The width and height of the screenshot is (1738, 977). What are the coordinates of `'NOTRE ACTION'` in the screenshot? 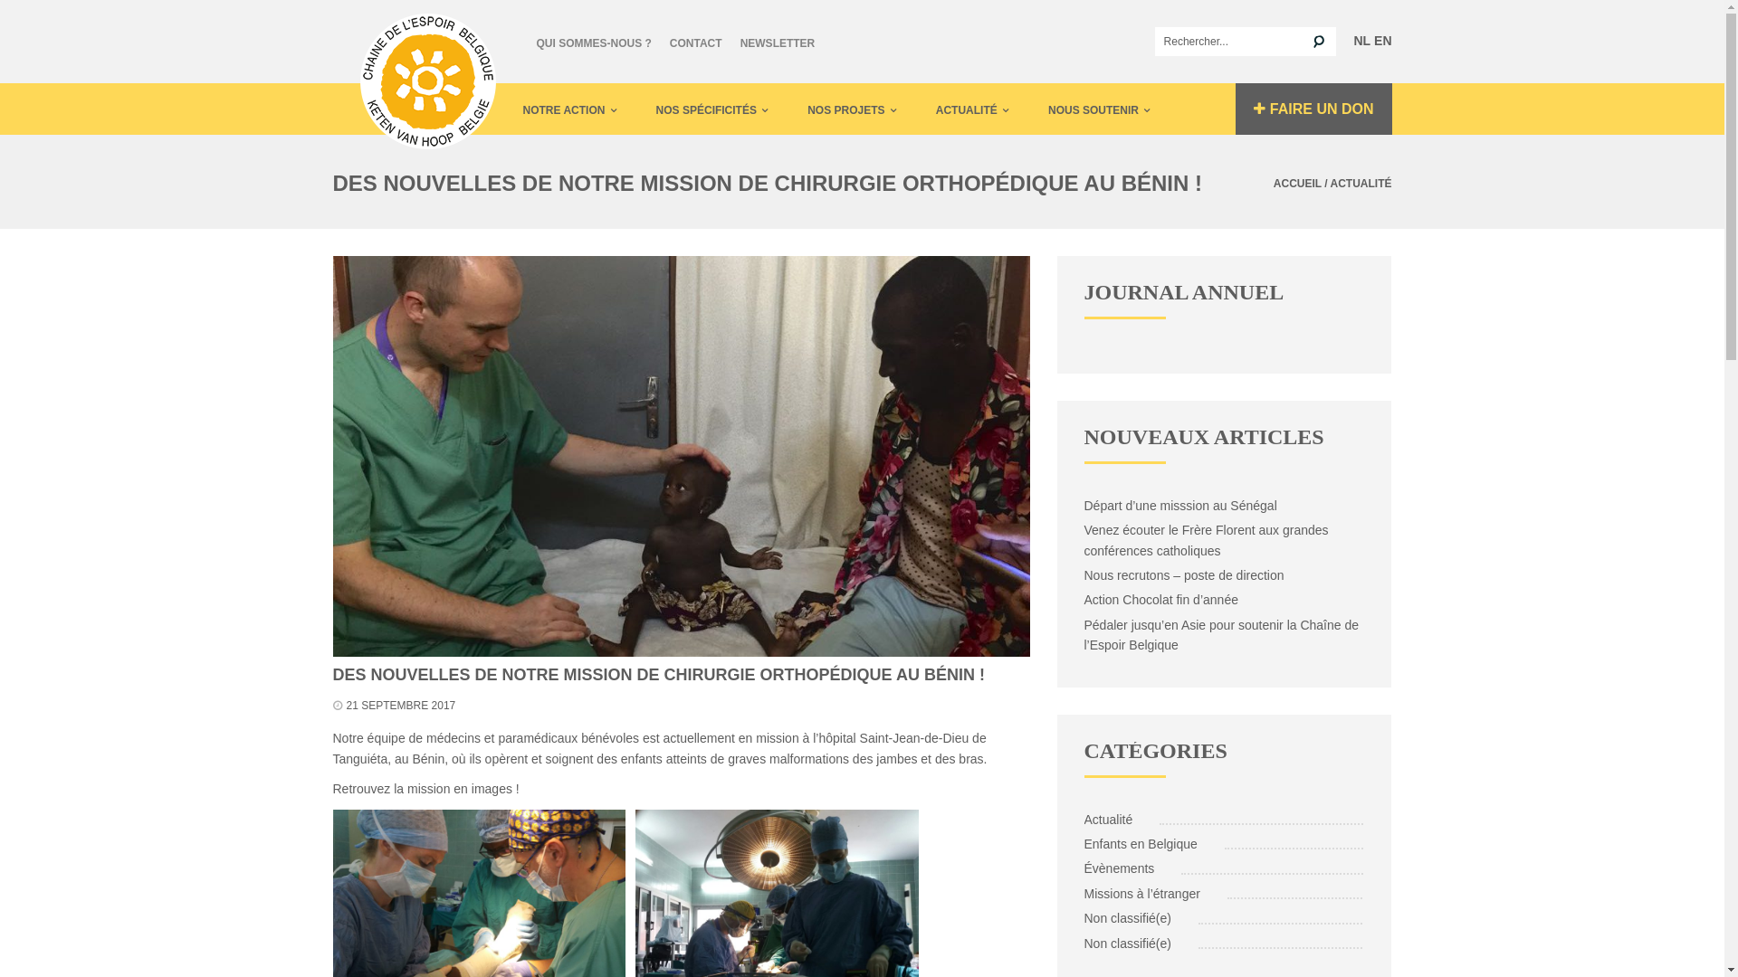 It's located at (521, 108).